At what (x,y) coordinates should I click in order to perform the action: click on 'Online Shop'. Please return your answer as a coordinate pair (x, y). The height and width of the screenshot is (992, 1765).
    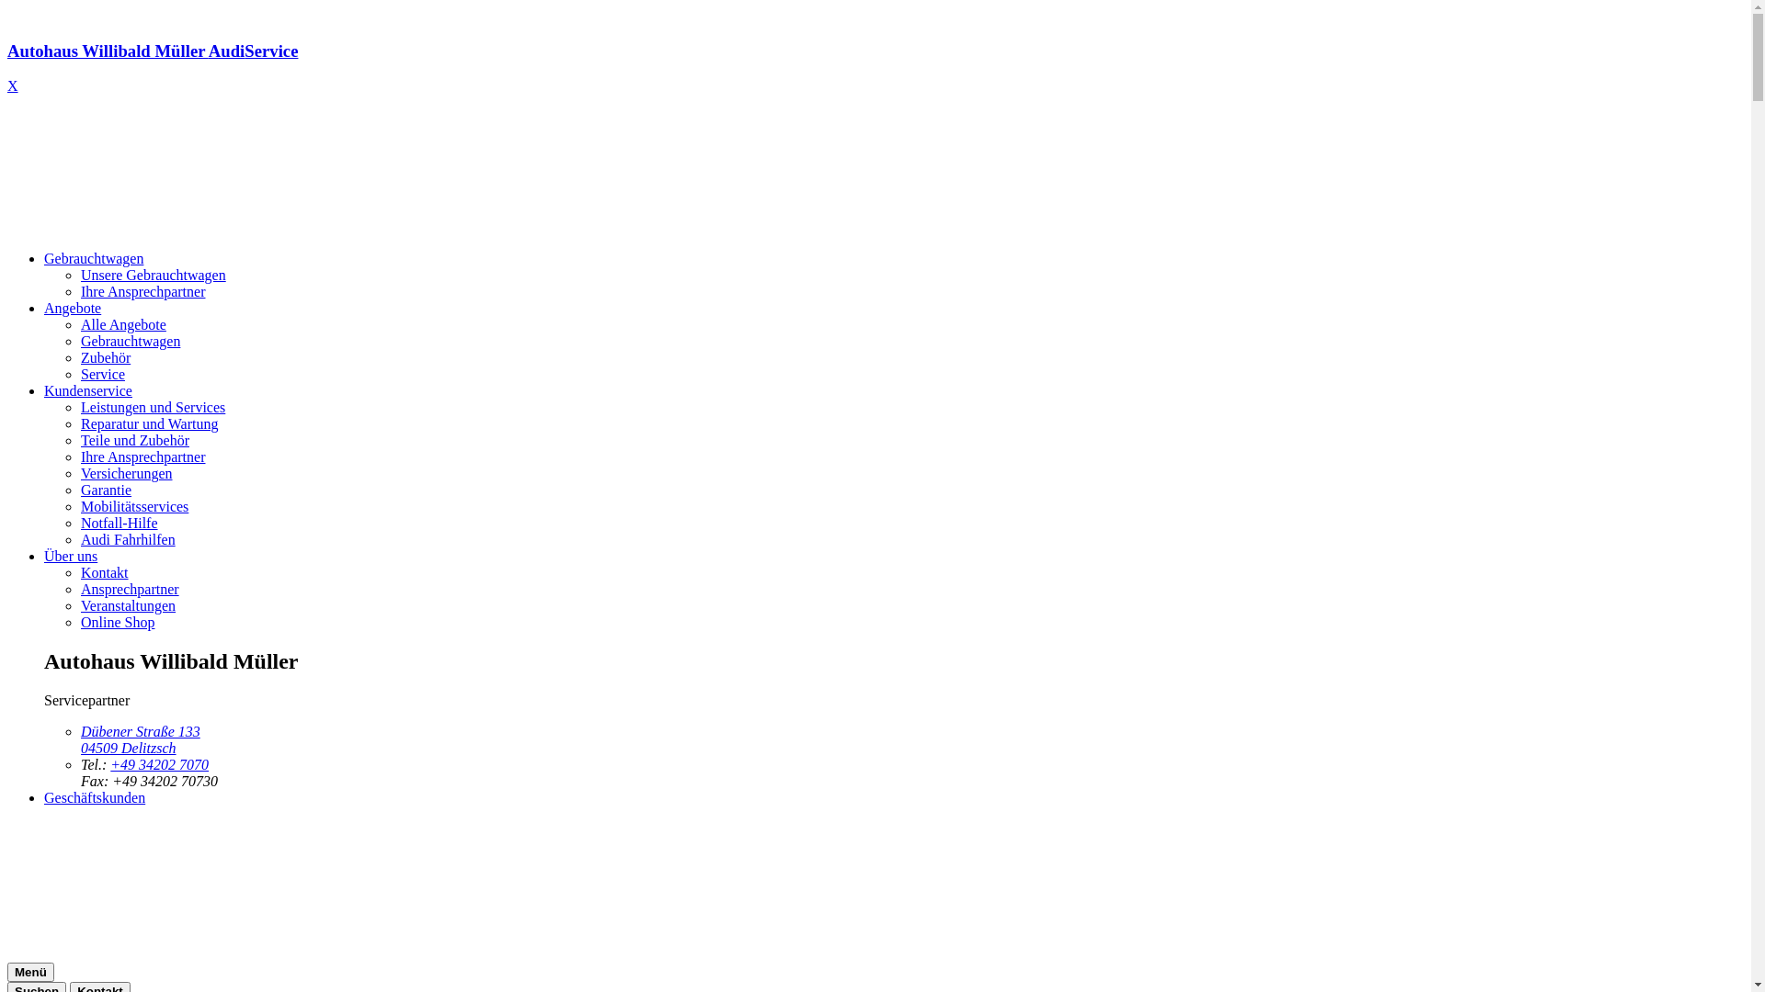
    Looking at the image, I should click on (117, 621).